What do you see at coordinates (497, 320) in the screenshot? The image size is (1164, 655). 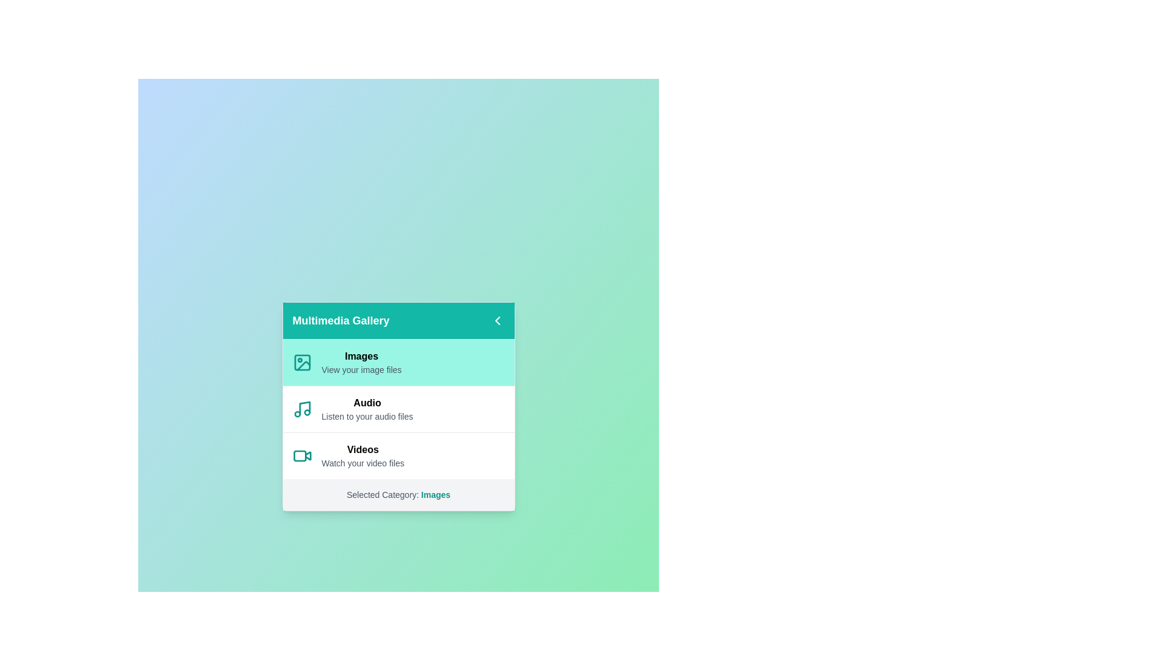 I see `the chevron button to toggle the gallery visibility` at bounding box center [497, 320].